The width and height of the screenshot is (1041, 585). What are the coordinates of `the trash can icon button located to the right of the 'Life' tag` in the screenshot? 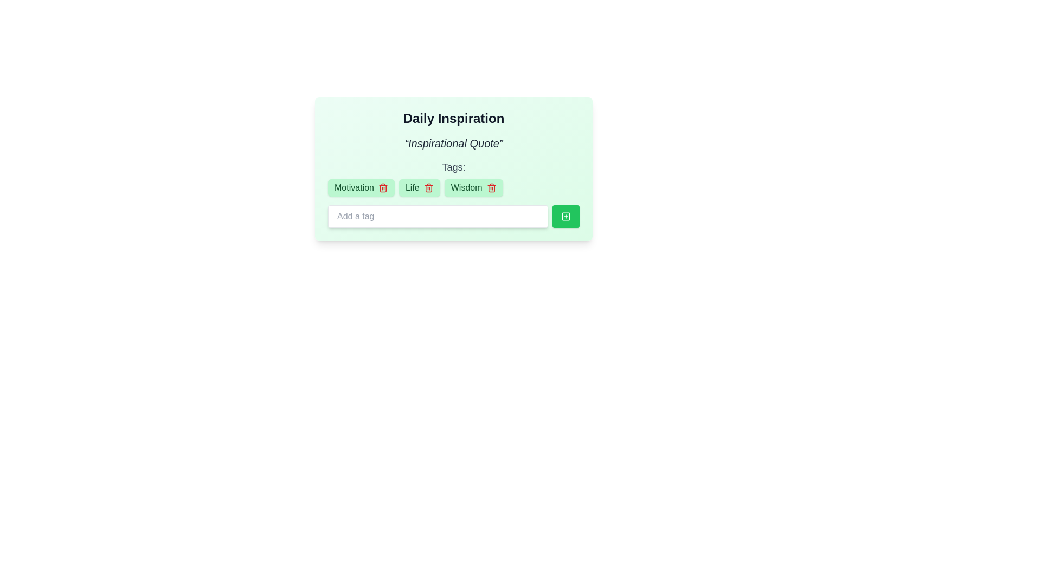 It's located at (428, 187).